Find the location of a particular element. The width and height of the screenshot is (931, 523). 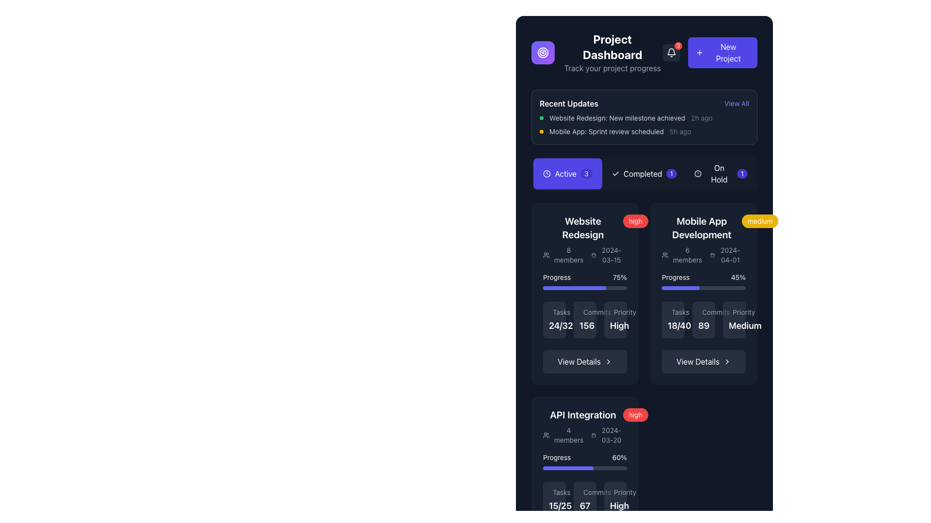

project details from the 'Website Redesign' text and icon display component located in the first slot of the Active tasks section is located at coordinates (582, 239).